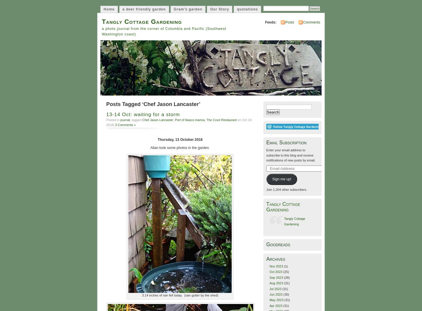 Image resolution: width=422 pixels, height=311 pixels. I want to click on 'a photo journal from the corner of Columbia and Pacific (Southwest Washington coast)', so click(164, 31).